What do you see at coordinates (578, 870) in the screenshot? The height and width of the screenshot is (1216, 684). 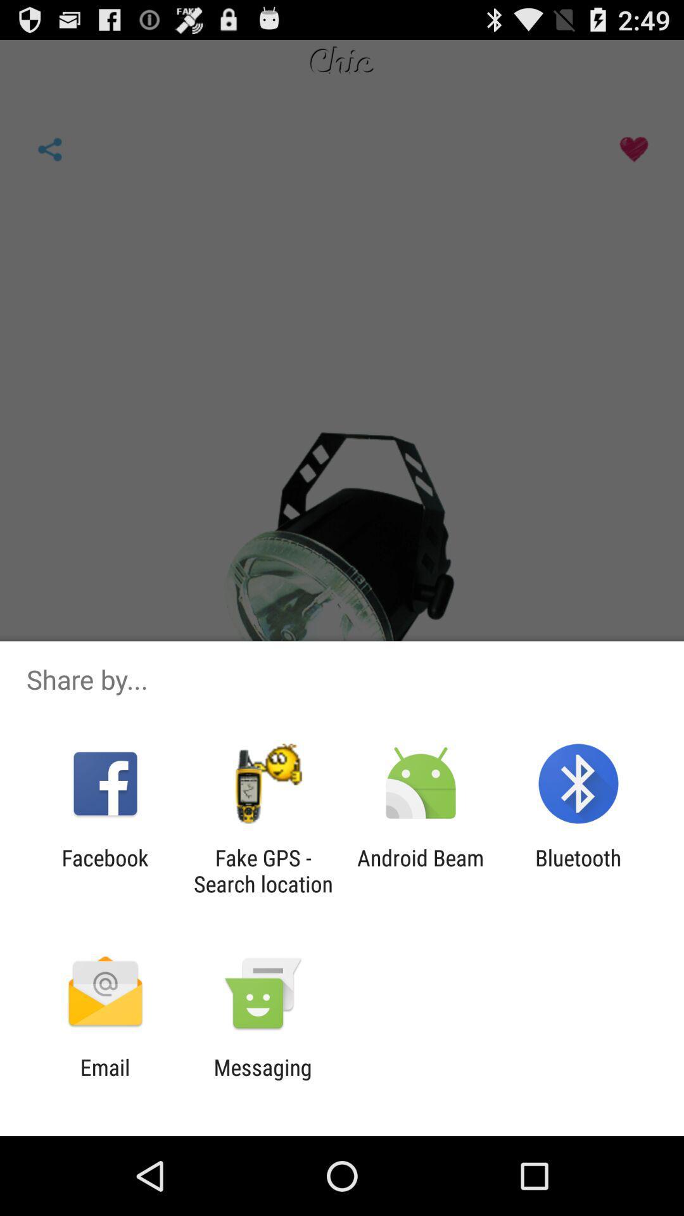 I see `bluetooth app` at bounding box center [578, 870].